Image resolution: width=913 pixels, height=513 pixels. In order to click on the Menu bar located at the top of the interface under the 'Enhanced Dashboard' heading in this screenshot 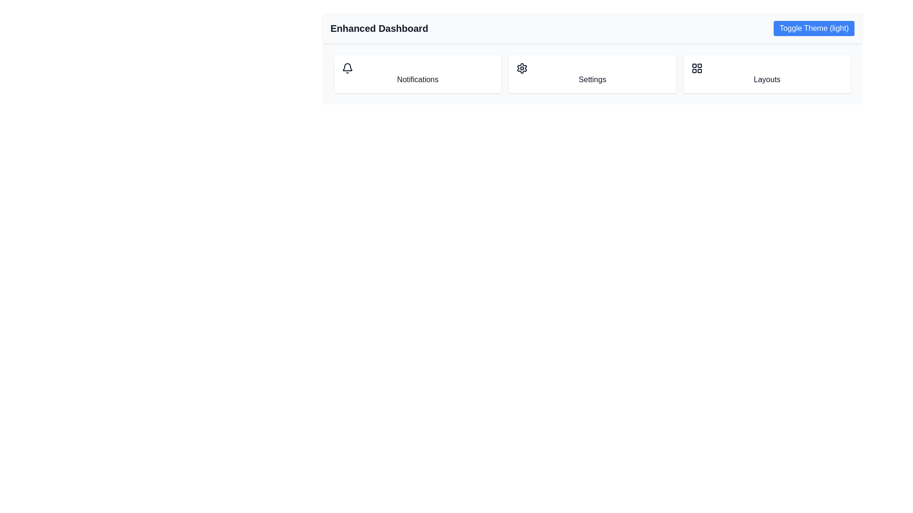, I will do `click(592, 73)`.